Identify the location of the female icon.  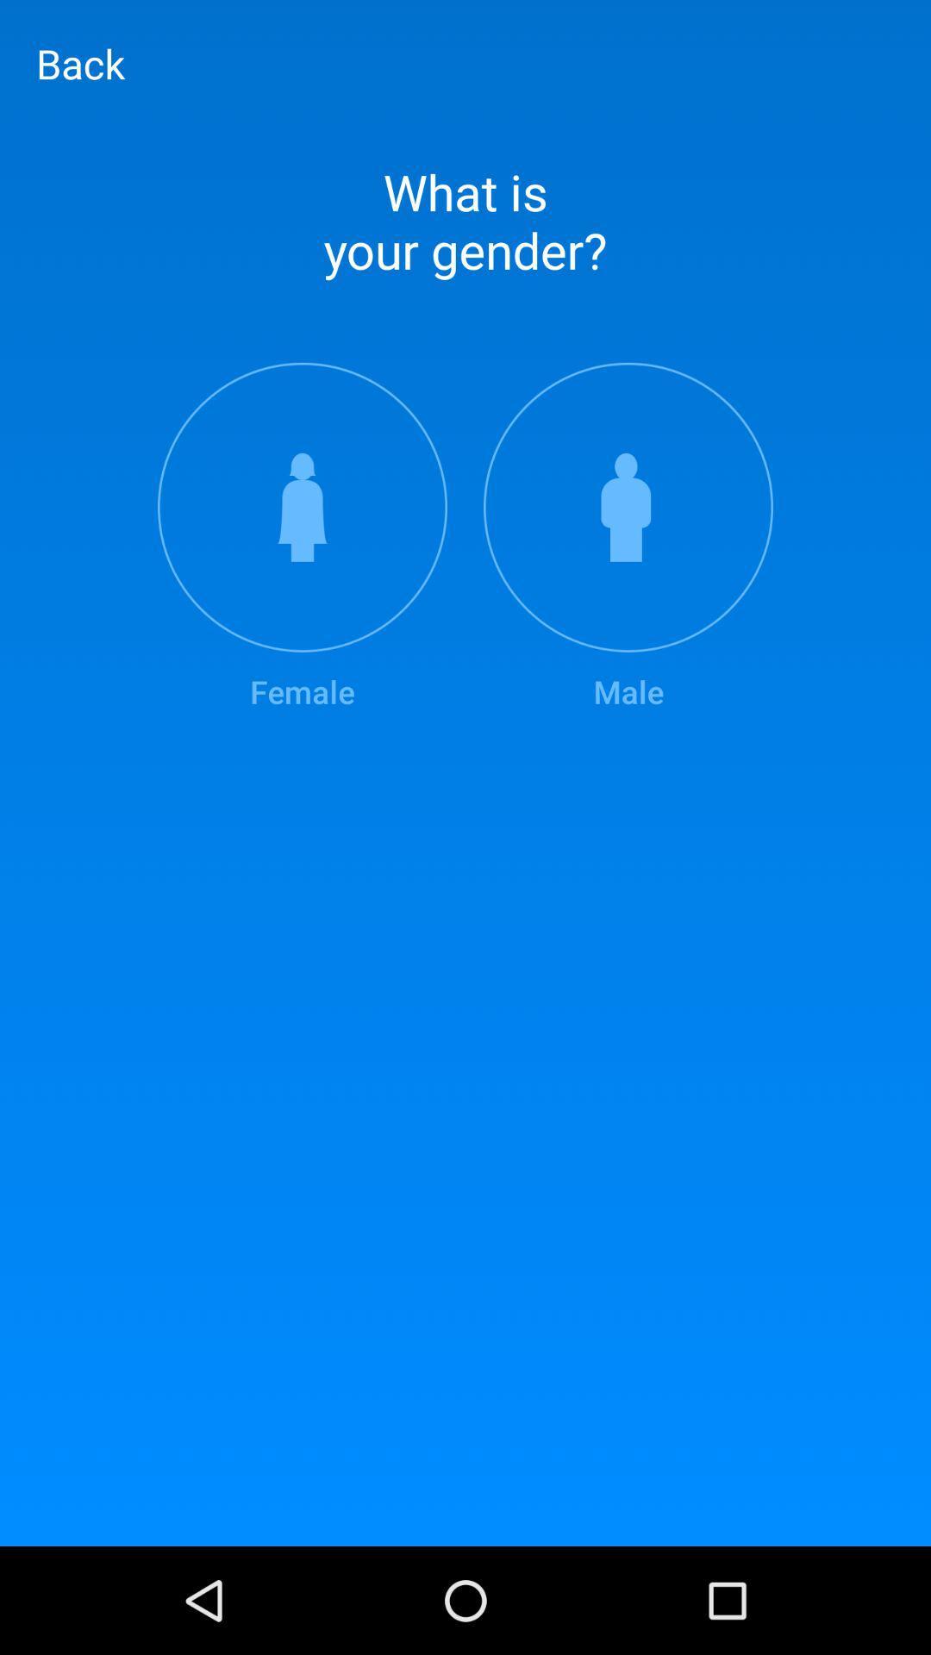
(302, 537).